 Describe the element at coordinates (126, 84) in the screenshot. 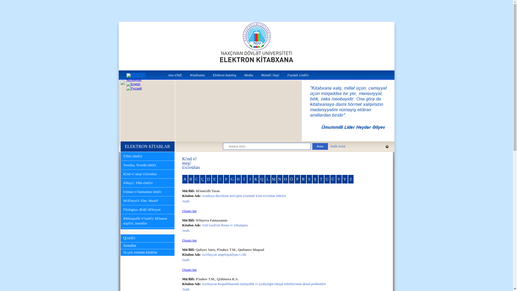

I see `'English'` at that location.